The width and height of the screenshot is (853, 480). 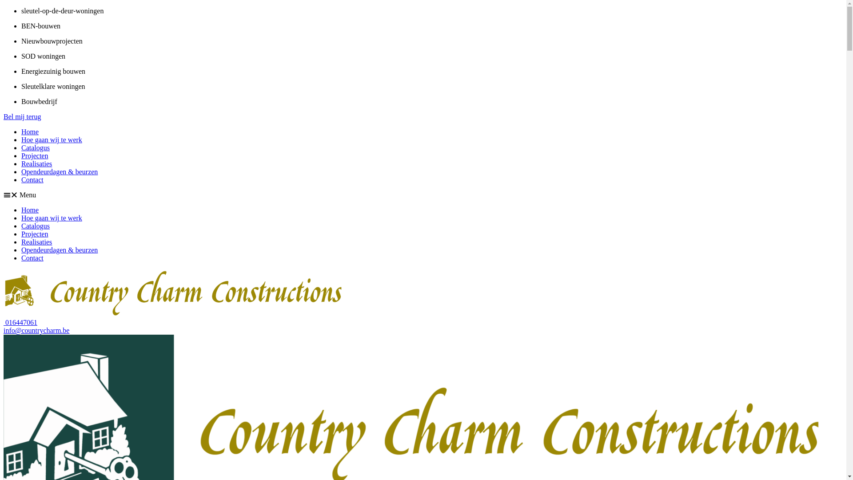 What do you see at coordinates (4, 330) in the screenshot?
I see `'info@countrycharm.be'` at bounding box center [4, 330].